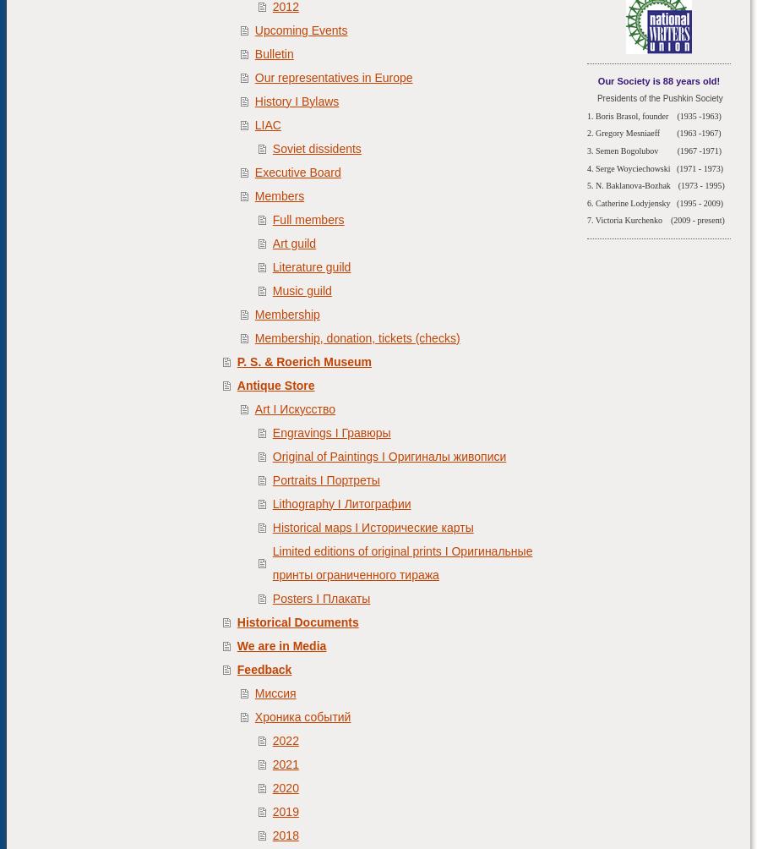 This screenshot has height=849, width=757. What do you see at coordinates (253, 123) in the screenshot?
I see `'LIAC'` at bounding box center [253, 123].